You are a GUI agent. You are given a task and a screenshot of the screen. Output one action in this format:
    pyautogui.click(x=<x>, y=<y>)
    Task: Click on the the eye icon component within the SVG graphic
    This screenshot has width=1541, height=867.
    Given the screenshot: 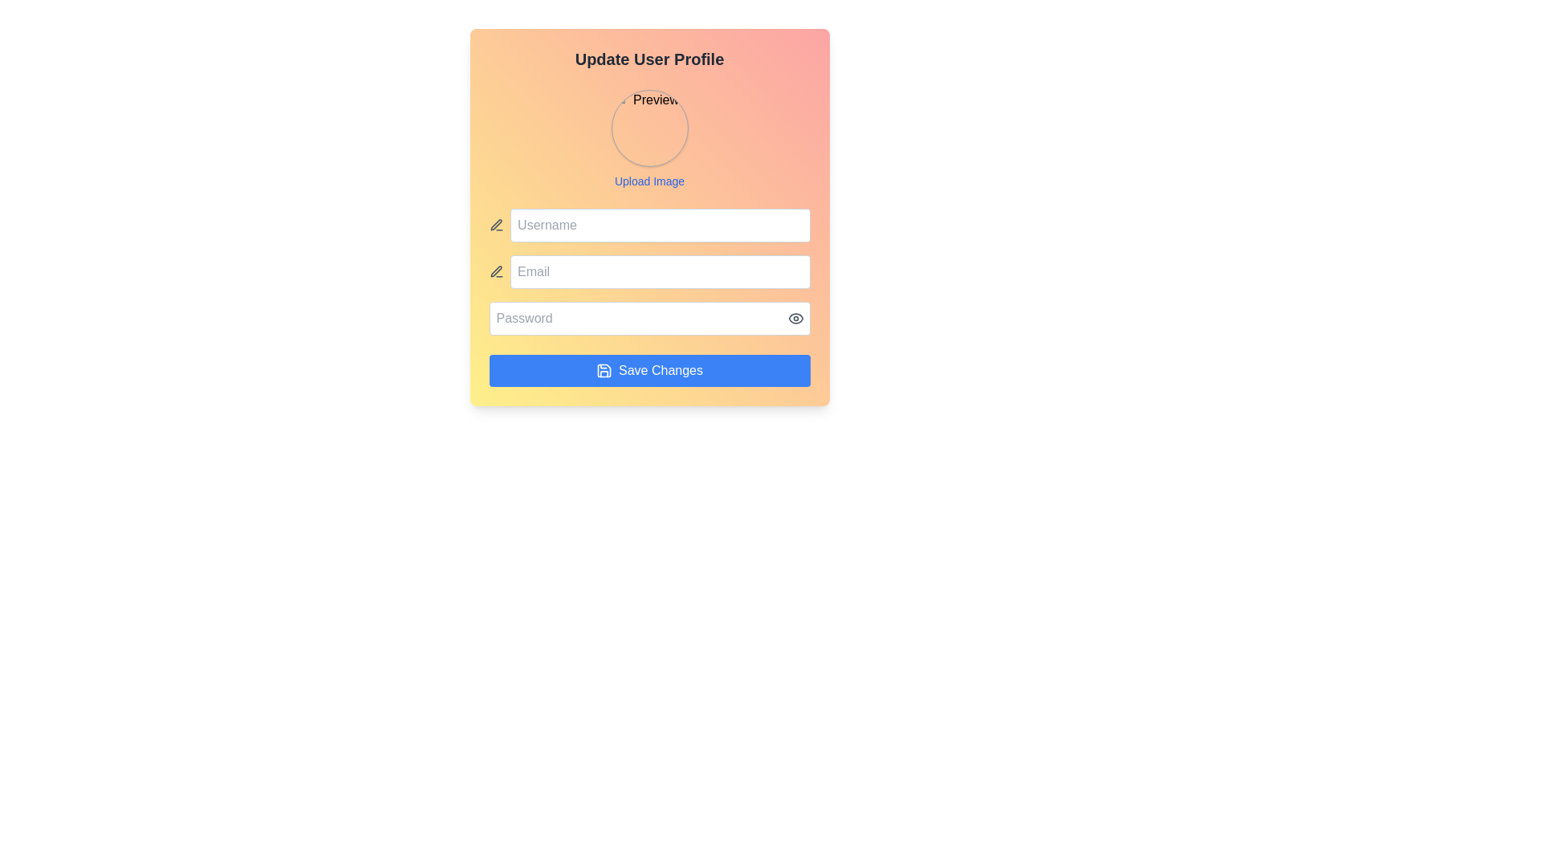 What is the action you would take?
    pyautogui.click(x=795, y=319)
    